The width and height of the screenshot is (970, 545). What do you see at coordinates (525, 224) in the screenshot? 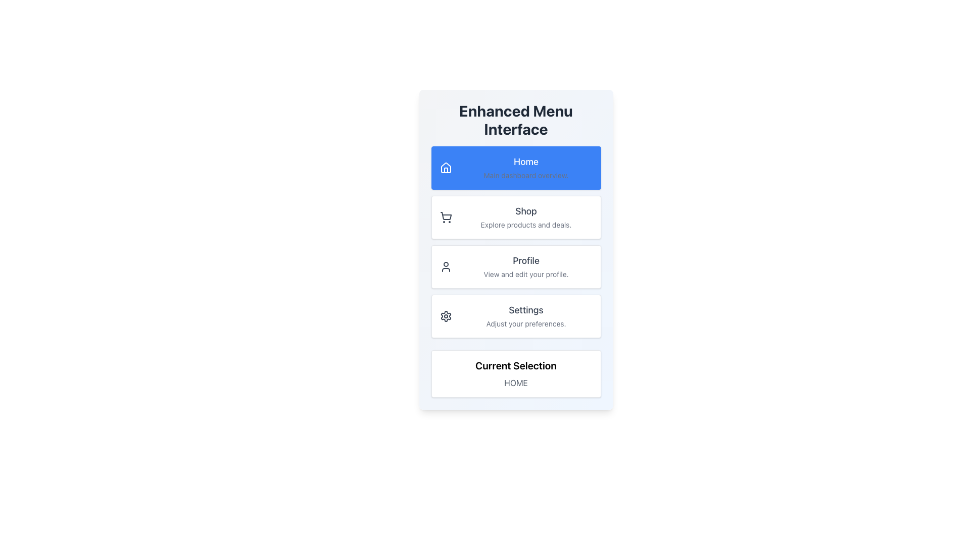
I see `the descriptive subtitle text label that provides additional information about the 'Shop' section, located under the 'Shop' heading in the navigation menu` at bounding box center [525, 224].